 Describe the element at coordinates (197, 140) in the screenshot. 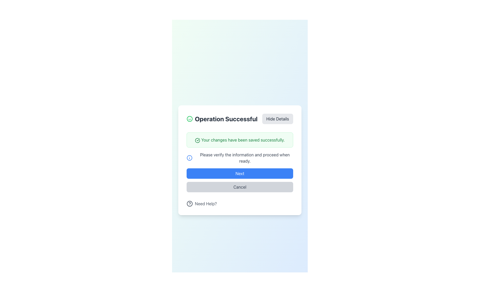

I see `the circular checkmark icon with a green outline that represents success, located to the left of the success message 'Your changes have been saved successfully.'` at that location.